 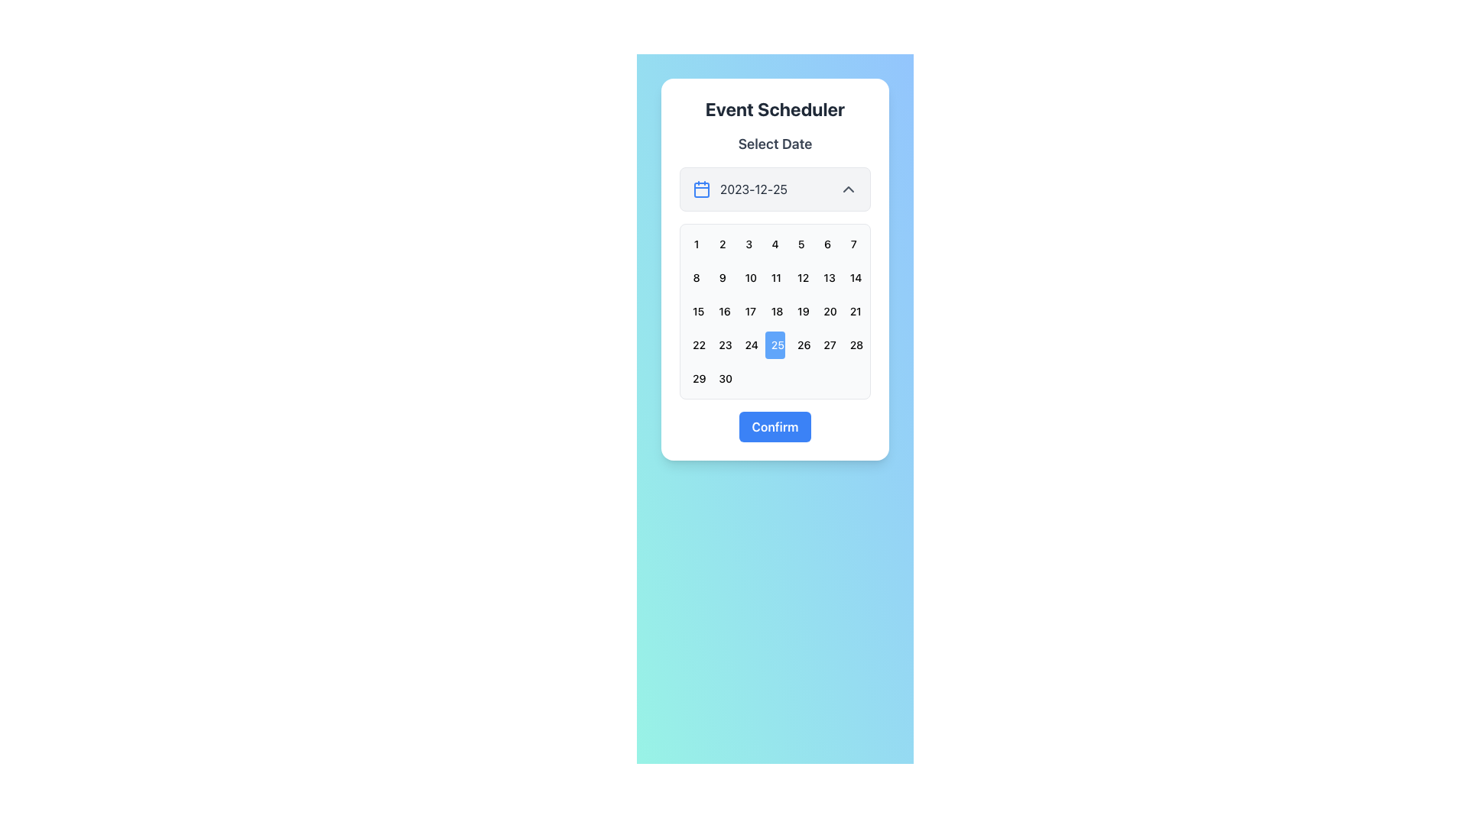 What do you see at coordinates (749, 277) in the screenshot?
I see `the interactive button that selects the 10th day of the month in the calendar grid by moving to its center point` at bounding box center [749, 277].